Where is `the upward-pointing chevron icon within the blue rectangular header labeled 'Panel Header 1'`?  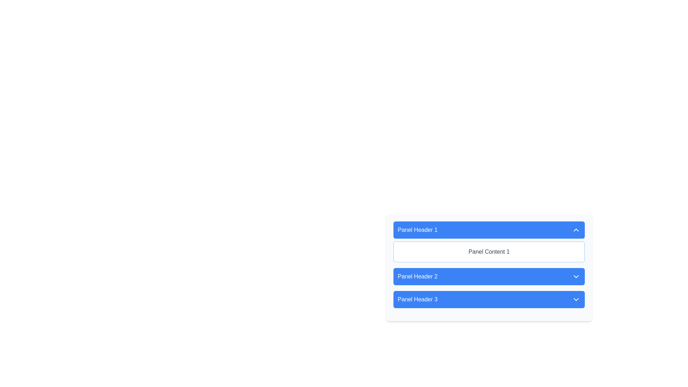
the upward-pointing chevron icon within the blue rectangular header labeled 'Panel Header 1' is located at coordinates (576, 230).